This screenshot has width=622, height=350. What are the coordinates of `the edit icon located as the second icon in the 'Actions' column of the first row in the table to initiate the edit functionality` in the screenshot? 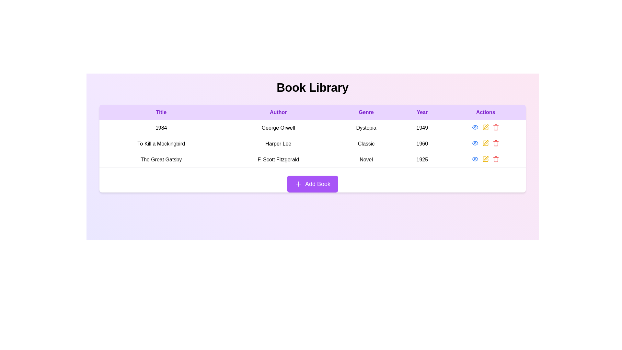 It's located at (485, 127).